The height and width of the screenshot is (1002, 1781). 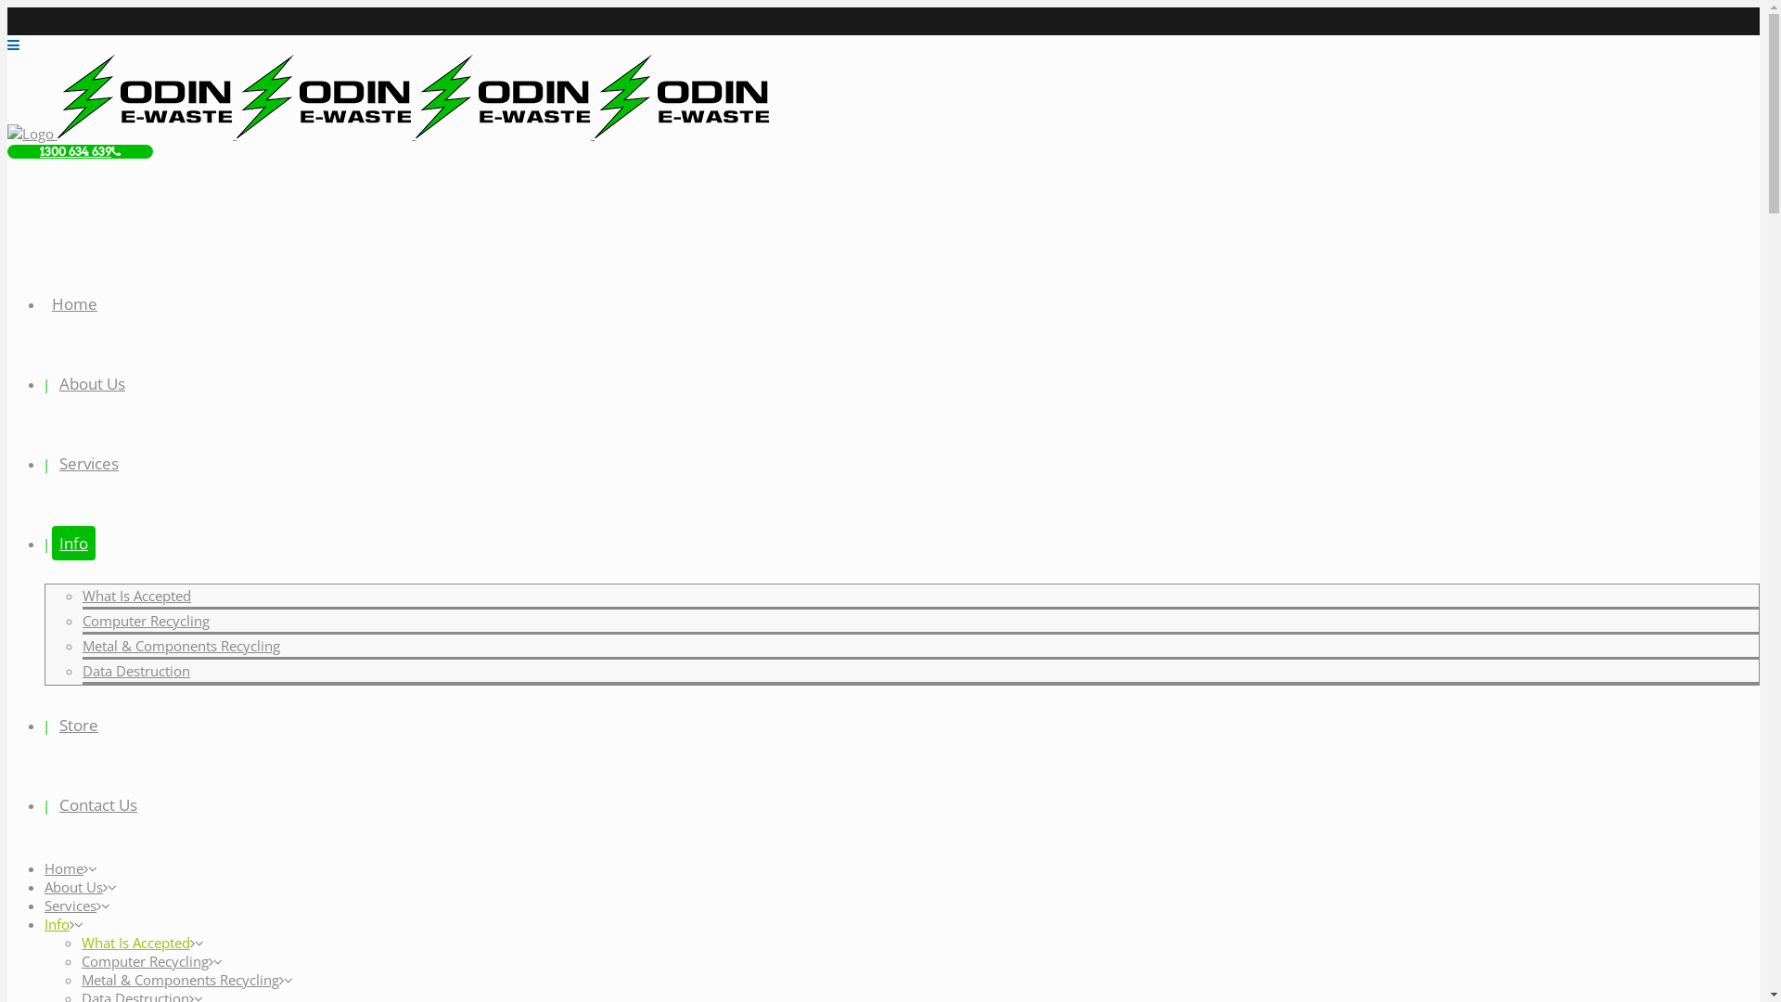 What do you see at coordinates (74, 302) in the screenshot?
I see `'Home'` at bounding box center [74, 302].